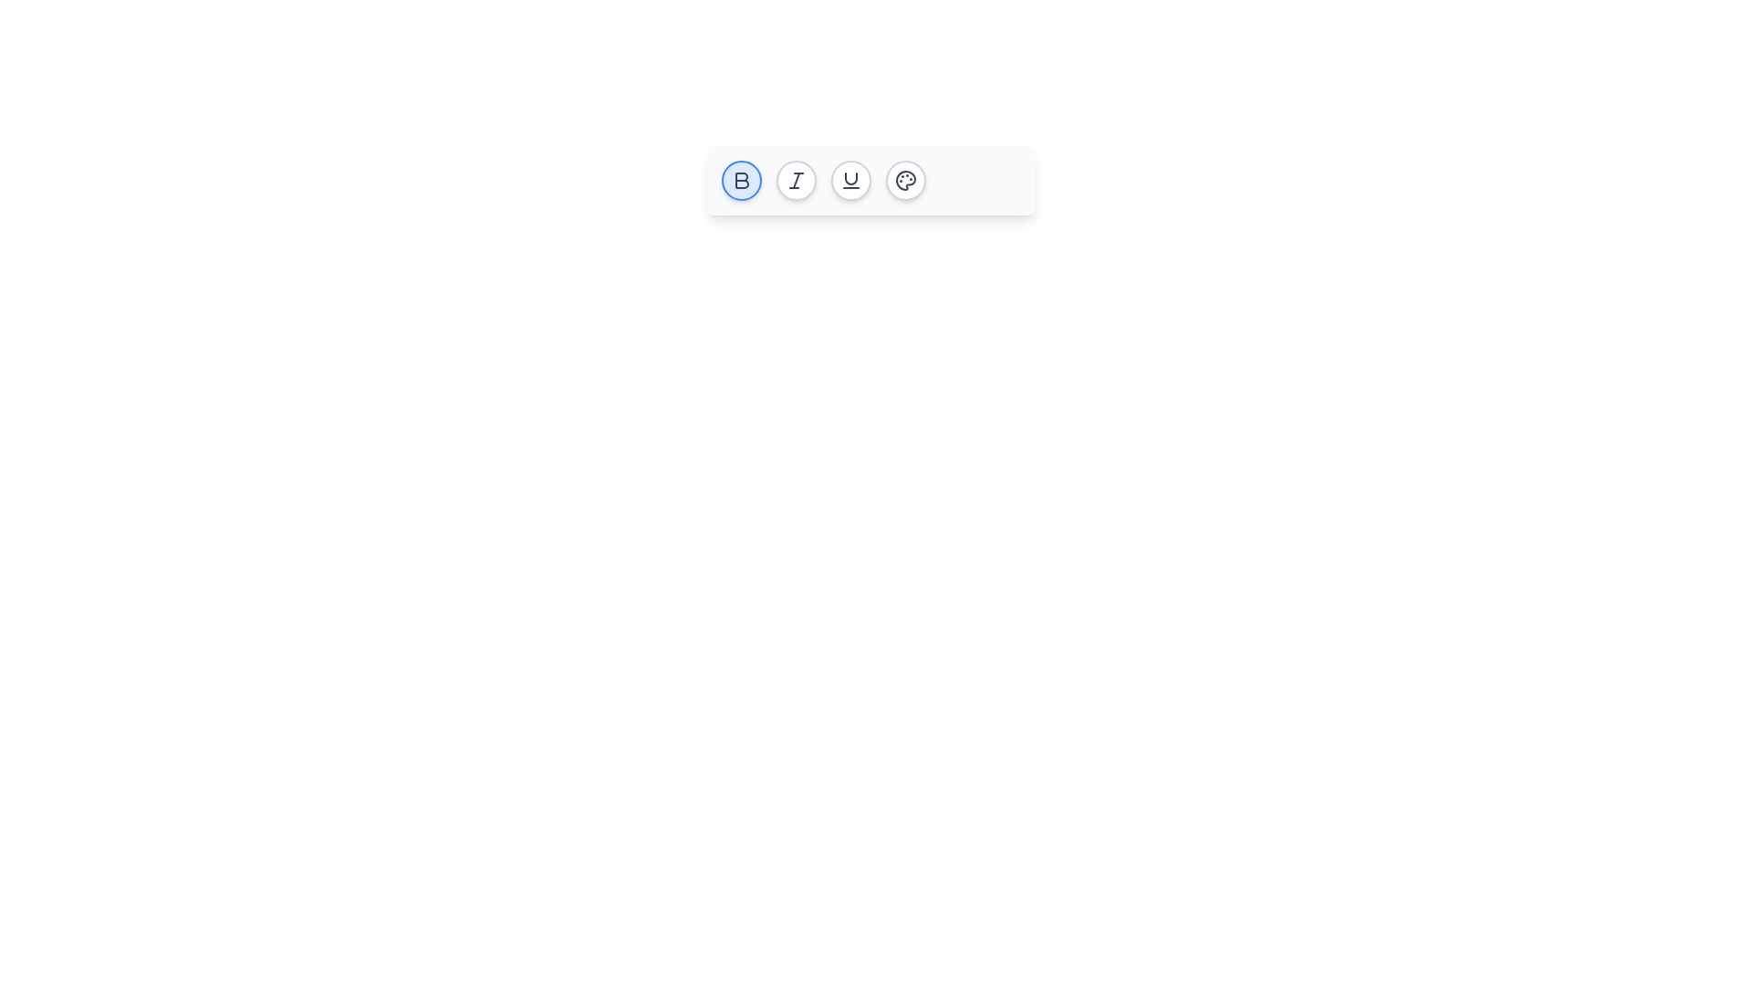  Describe the element at coordinates (871, 180) in the screenshot. I see `the underline icon (U) on the formatting toolbar` at that location.